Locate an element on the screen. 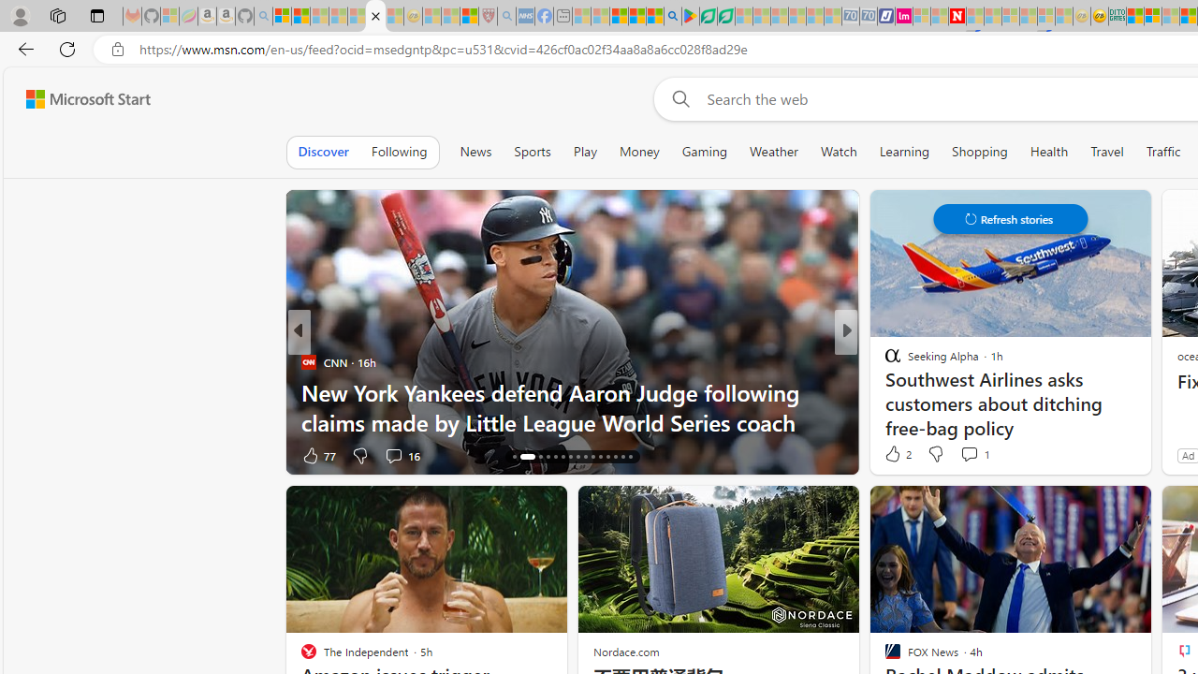 This screenshot has width=1198, height=674. 'AutomationID: tab-22' is located at coordinates (569, 457).